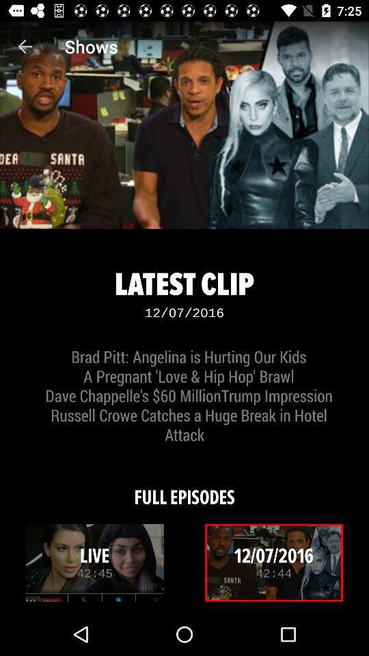  What do you see at coordinates (25, 46) in the screenshot?
I see `item above the brad pitt angelina icon` at bounding box center [25, 46].